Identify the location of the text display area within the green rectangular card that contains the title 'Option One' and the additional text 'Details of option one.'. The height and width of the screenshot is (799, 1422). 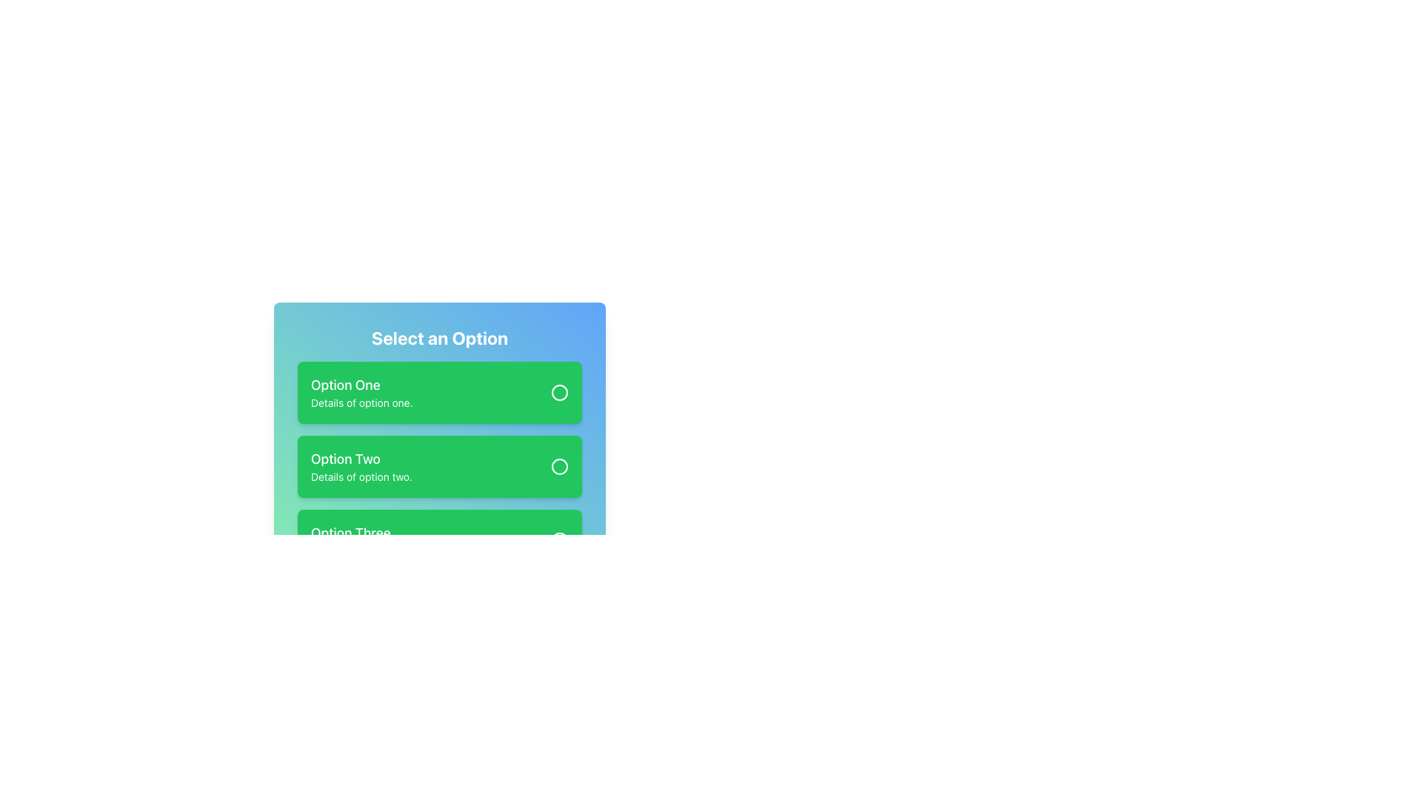
(361, 392).